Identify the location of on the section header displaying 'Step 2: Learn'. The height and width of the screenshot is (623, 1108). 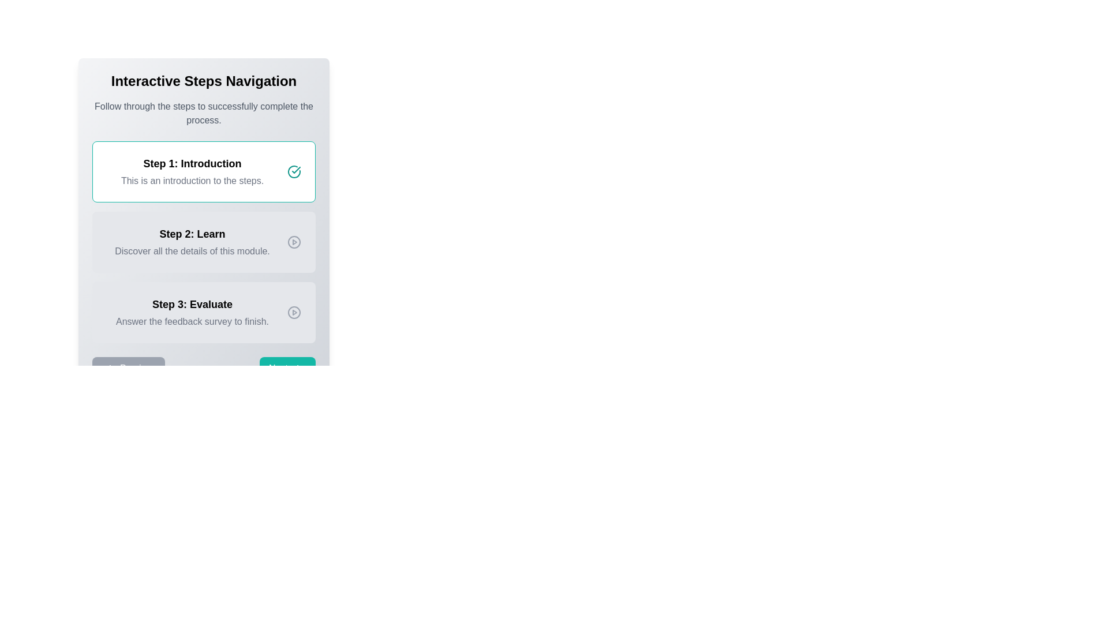
(192, 234).